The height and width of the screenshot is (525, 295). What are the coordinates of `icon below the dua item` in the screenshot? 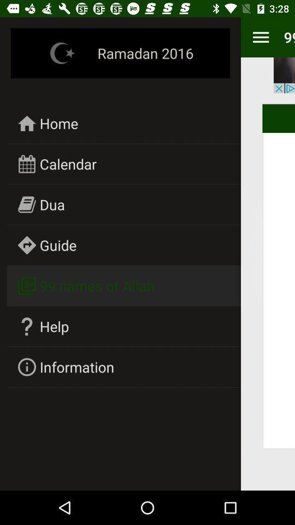 It's located at (58, 245).